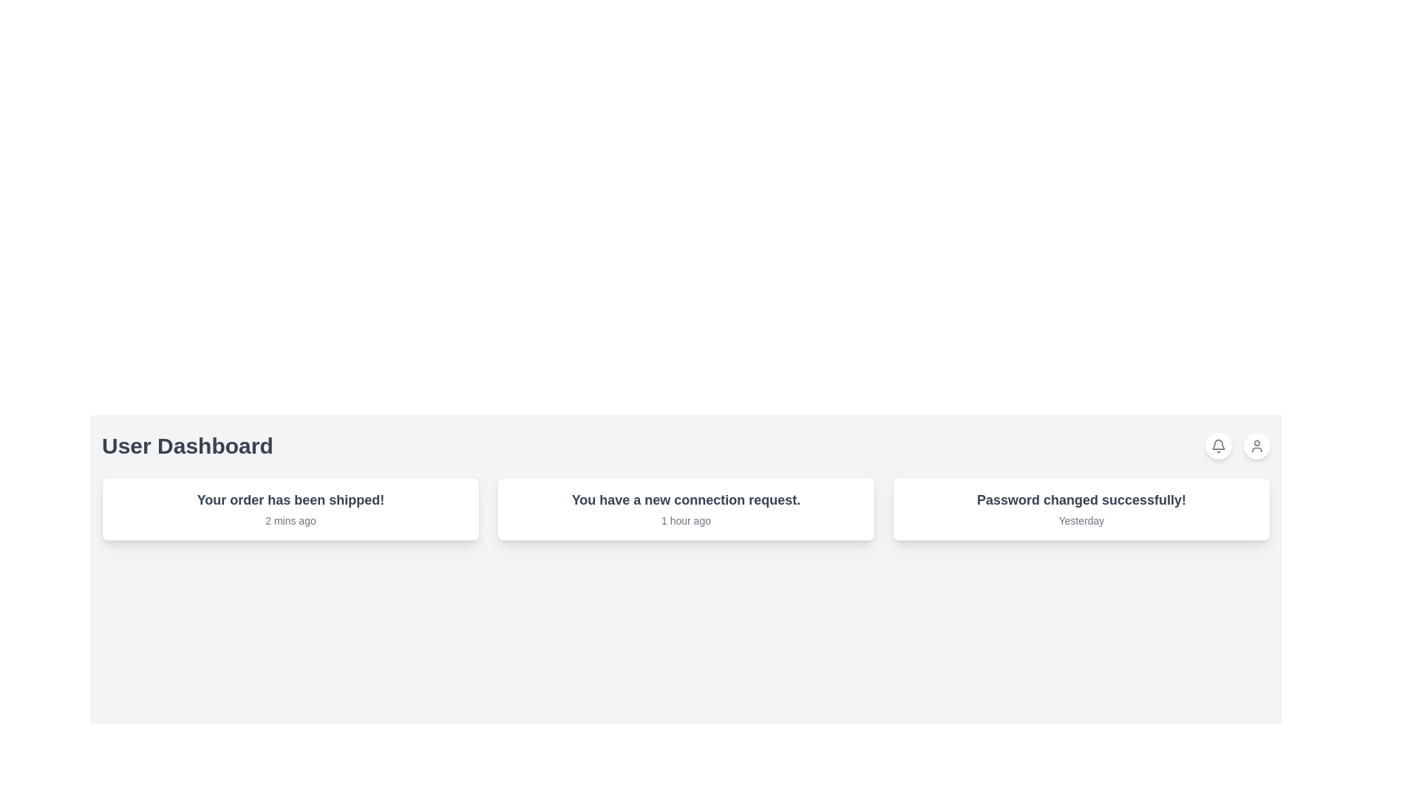  Describe the element at coordinates (1081, 499) in the screenshot. I see `the text label that displays 'Password changed successfully!' within the card on the dashboard interface` at that location.